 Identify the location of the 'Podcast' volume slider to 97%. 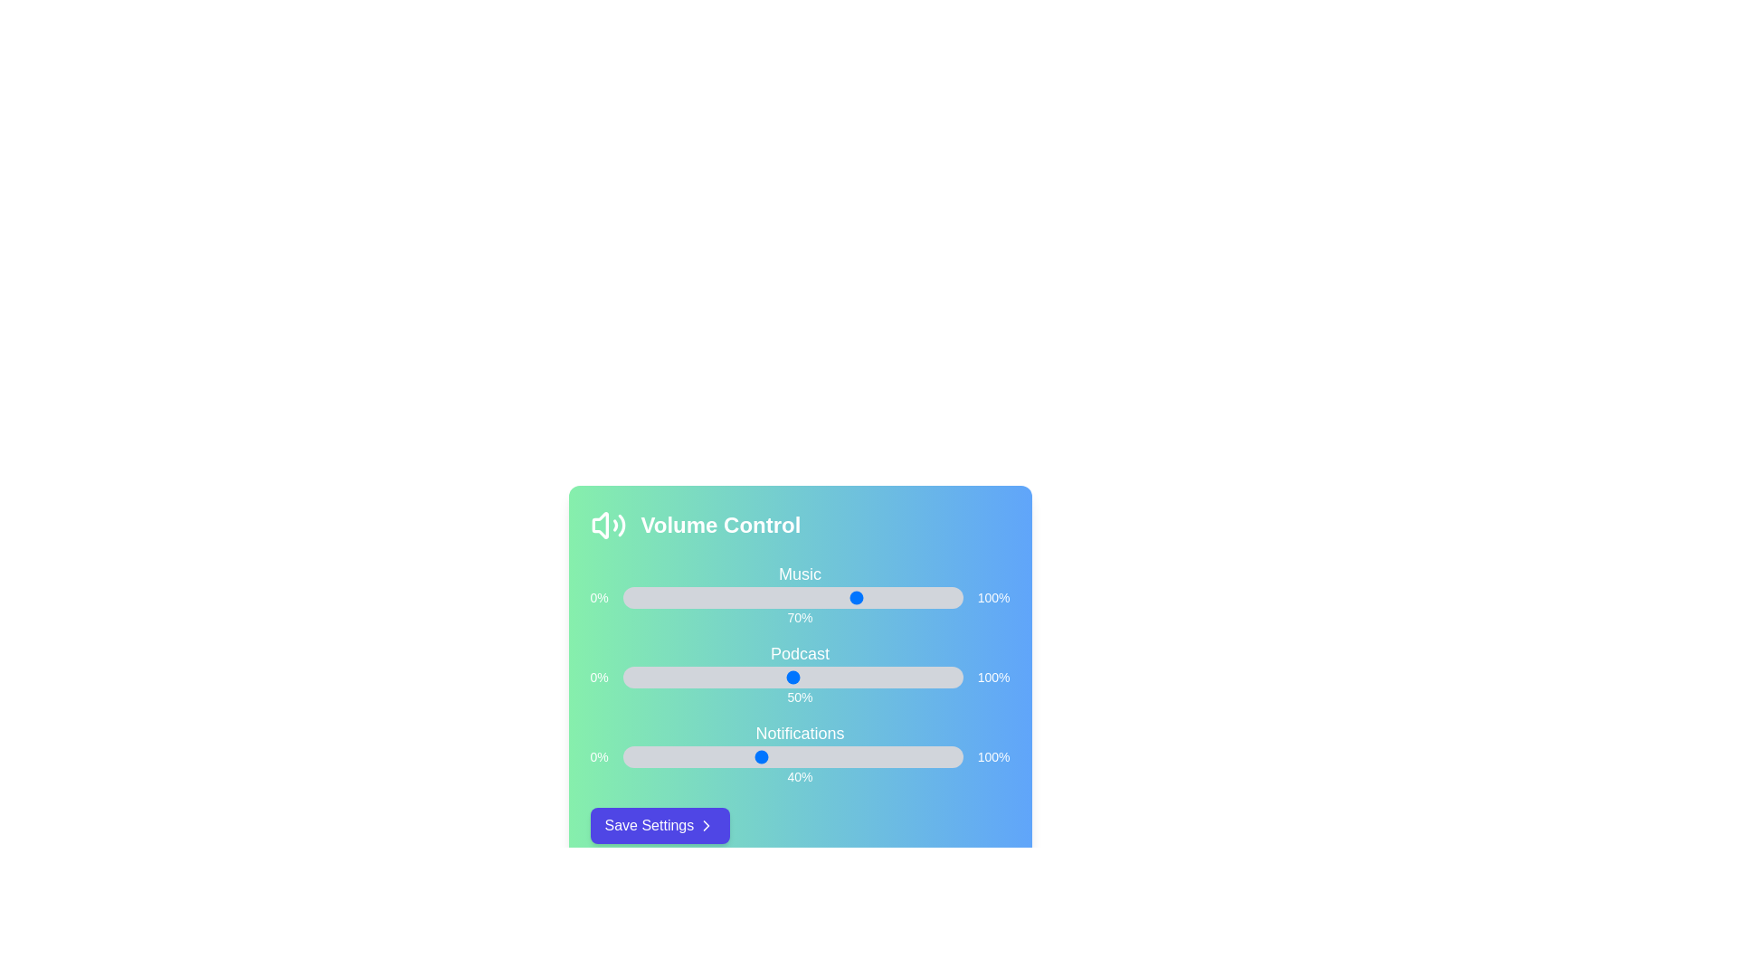
(952, 677).